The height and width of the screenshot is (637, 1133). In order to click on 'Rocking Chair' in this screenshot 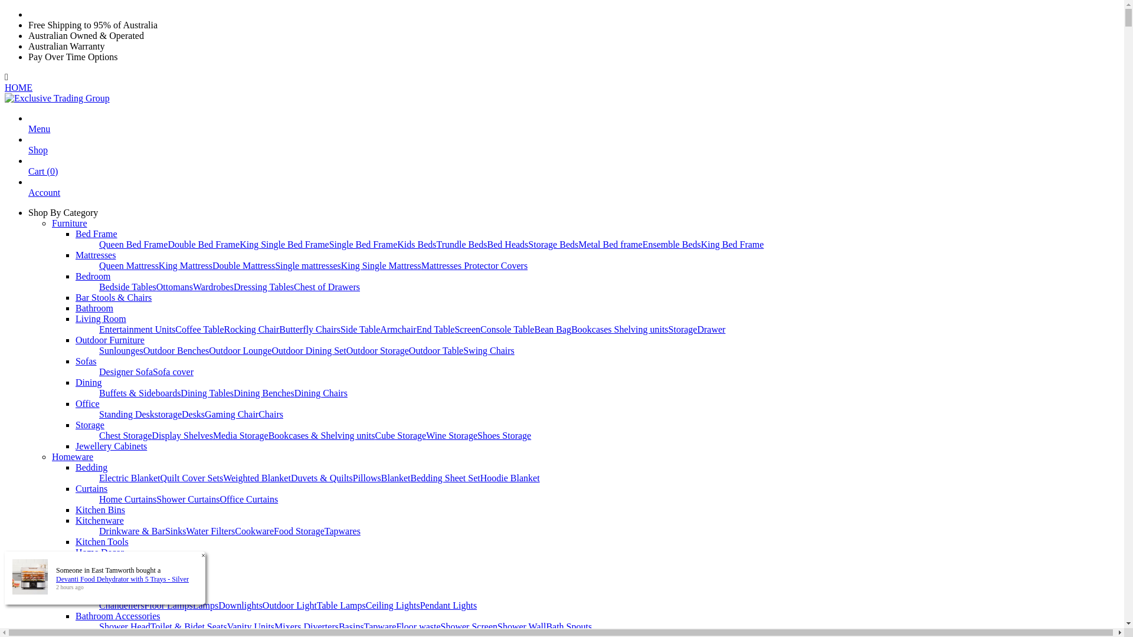, I will do `click(251, 329)`.